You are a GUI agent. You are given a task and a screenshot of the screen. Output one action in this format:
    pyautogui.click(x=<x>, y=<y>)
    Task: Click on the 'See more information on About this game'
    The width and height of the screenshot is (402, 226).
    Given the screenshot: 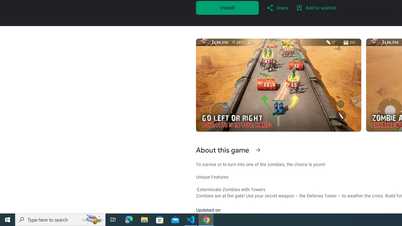 What is the action you would take?
    pyautogui.click(x=258, y=150)
    